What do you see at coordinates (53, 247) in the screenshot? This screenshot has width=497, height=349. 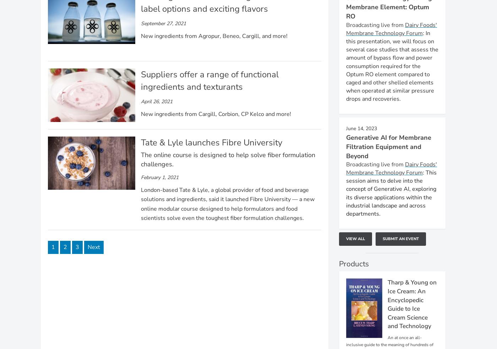 I see `'1'` at bounding box center [53, 247].